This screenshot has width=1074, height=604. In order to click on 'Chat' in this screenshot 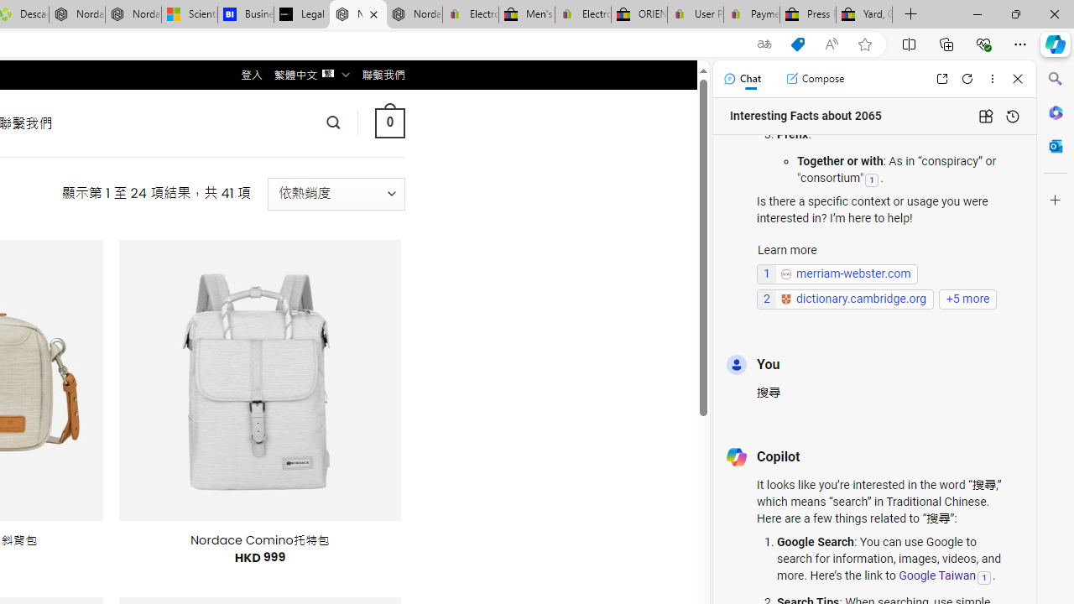, I will do `click(741, 78)`.